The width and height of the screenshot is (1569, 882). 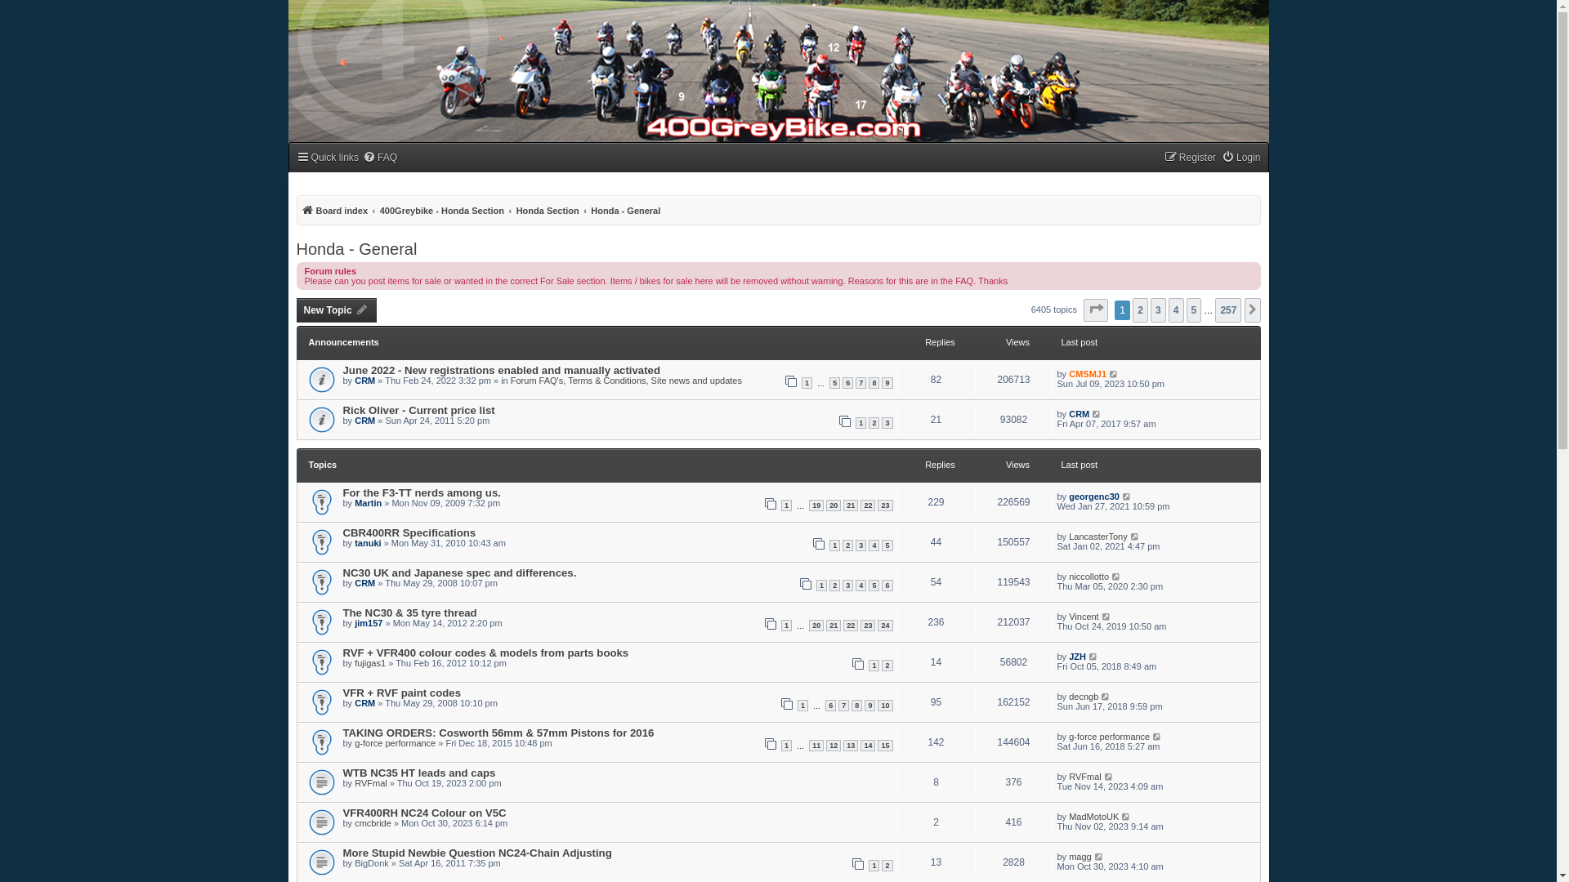 What do you see at coordinates (1103, 776) in the screenshot?
I see `'Go to last post'` at bounding box center [1103, 776].